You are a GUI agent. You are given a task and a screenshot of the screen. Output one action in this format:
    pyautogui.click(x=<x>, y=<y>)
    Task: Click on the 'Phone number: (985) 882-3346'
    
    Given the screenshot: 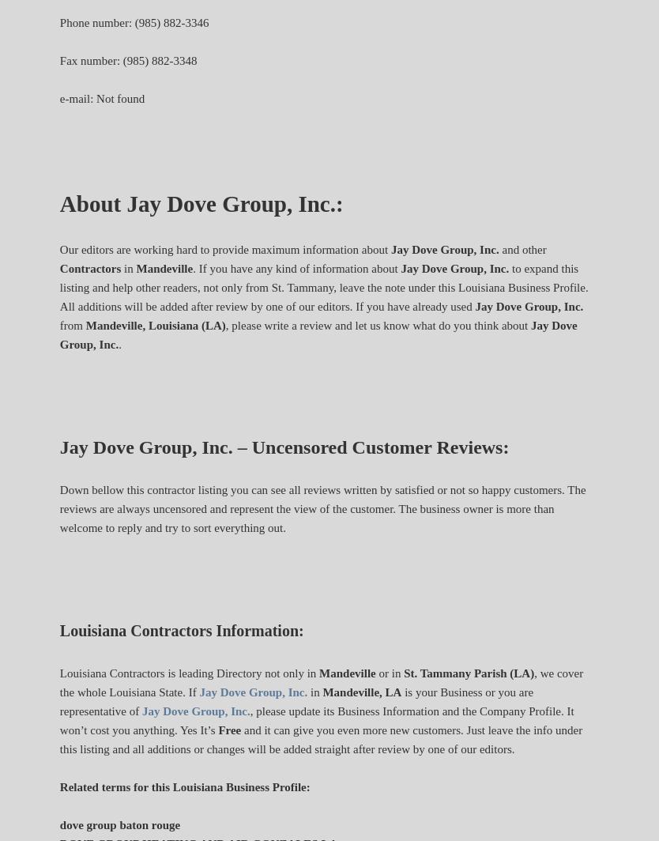 What is the action you would take?
    pyautogui.click(x=134, y=23)
    